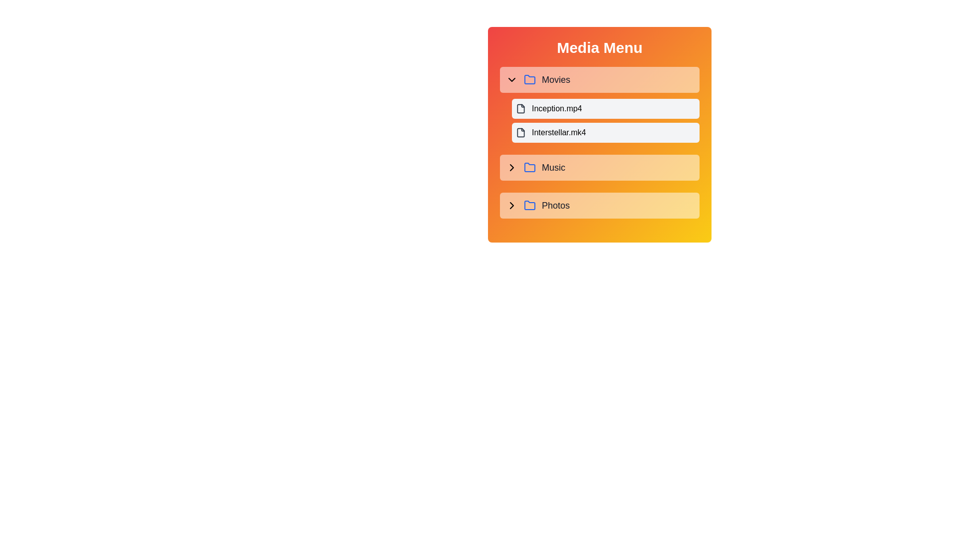 This screenshot has width=958, height=539. I want to click on the file icon representing 'Interstellar.mk4' in the 'Movies' category, which is located to the left of the file name in the list, so click(520, 132).